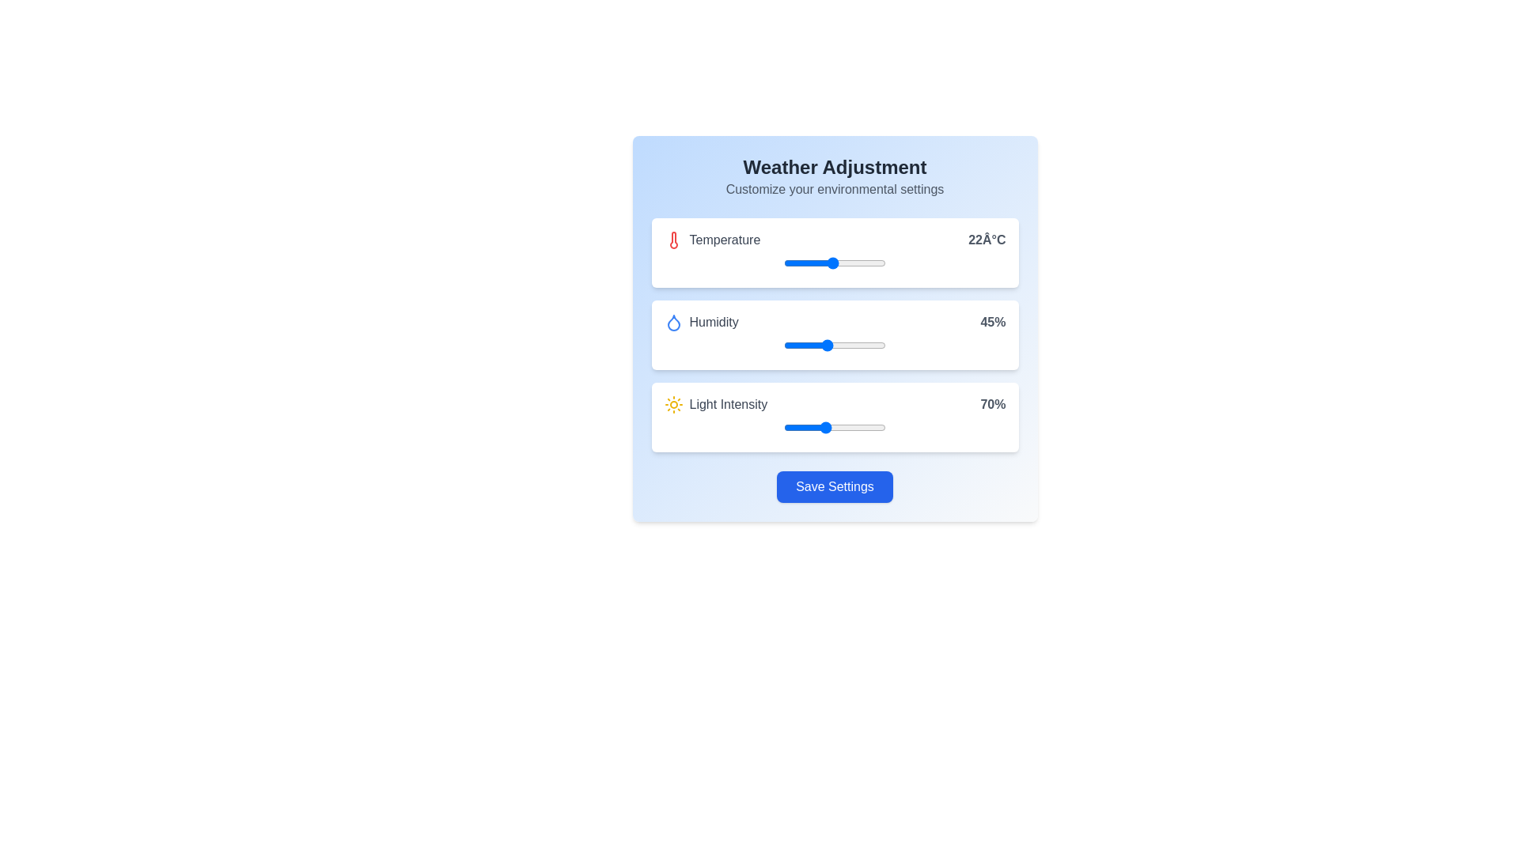 Image resolution: width=1519 pixels, height=854 pixels. What do you see at coordinates (700, 322) in the screenshot?
I see `the 'Humidity' label with the blue droplet icon, located in the middle white card of the 'Weather Adjustment' interface` at bounding box center [700, 322].